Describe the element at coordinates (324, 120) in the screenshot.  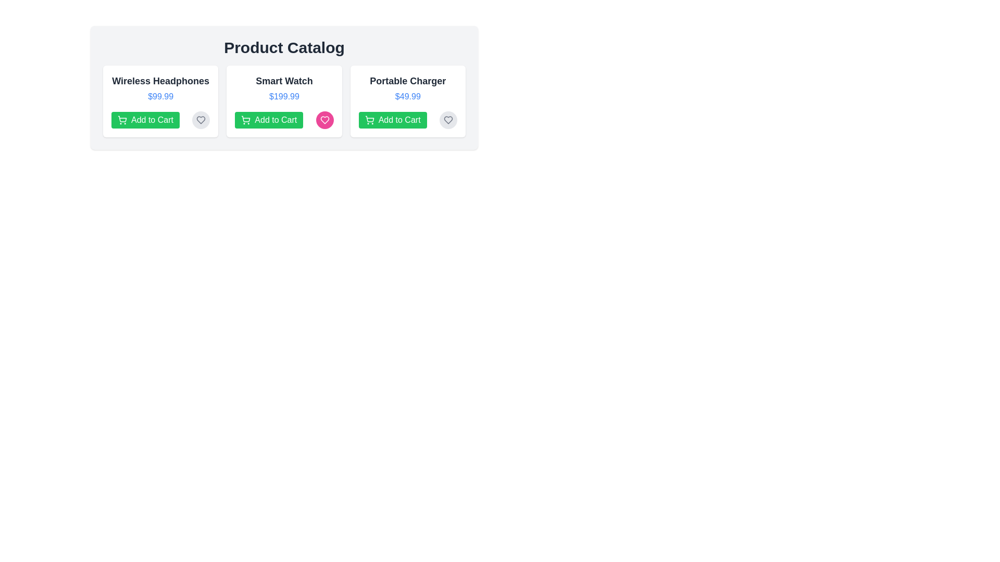
I see `favorite button for the product Smart Watch` at that location.